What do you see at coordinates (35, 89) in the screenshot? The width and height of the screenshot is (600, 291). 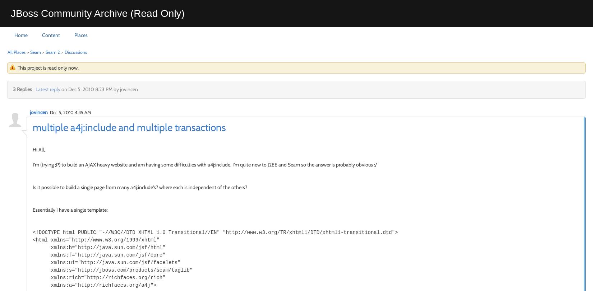 I see `'Latest reply'` at bounding box center [35, 89].